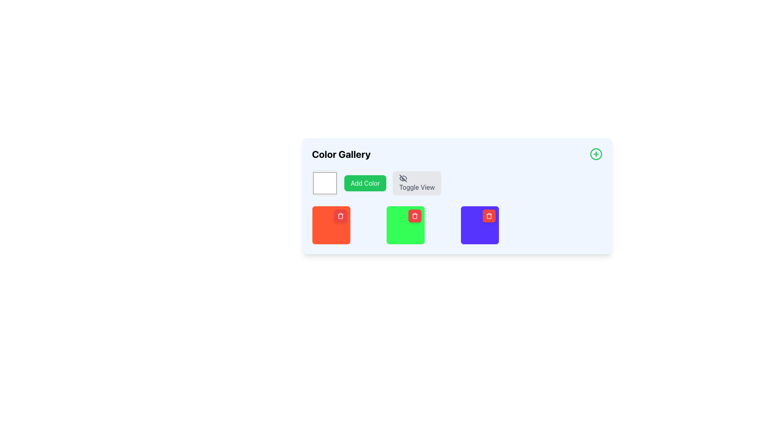 The width and height of the screenshot is (775, 436). What do you see at coordinates (488, 216) in the screenshot?
I see `the small square button with a red background and white border, located at the upper-right corner of a larger purple square component` at bounding box center [488, 216].